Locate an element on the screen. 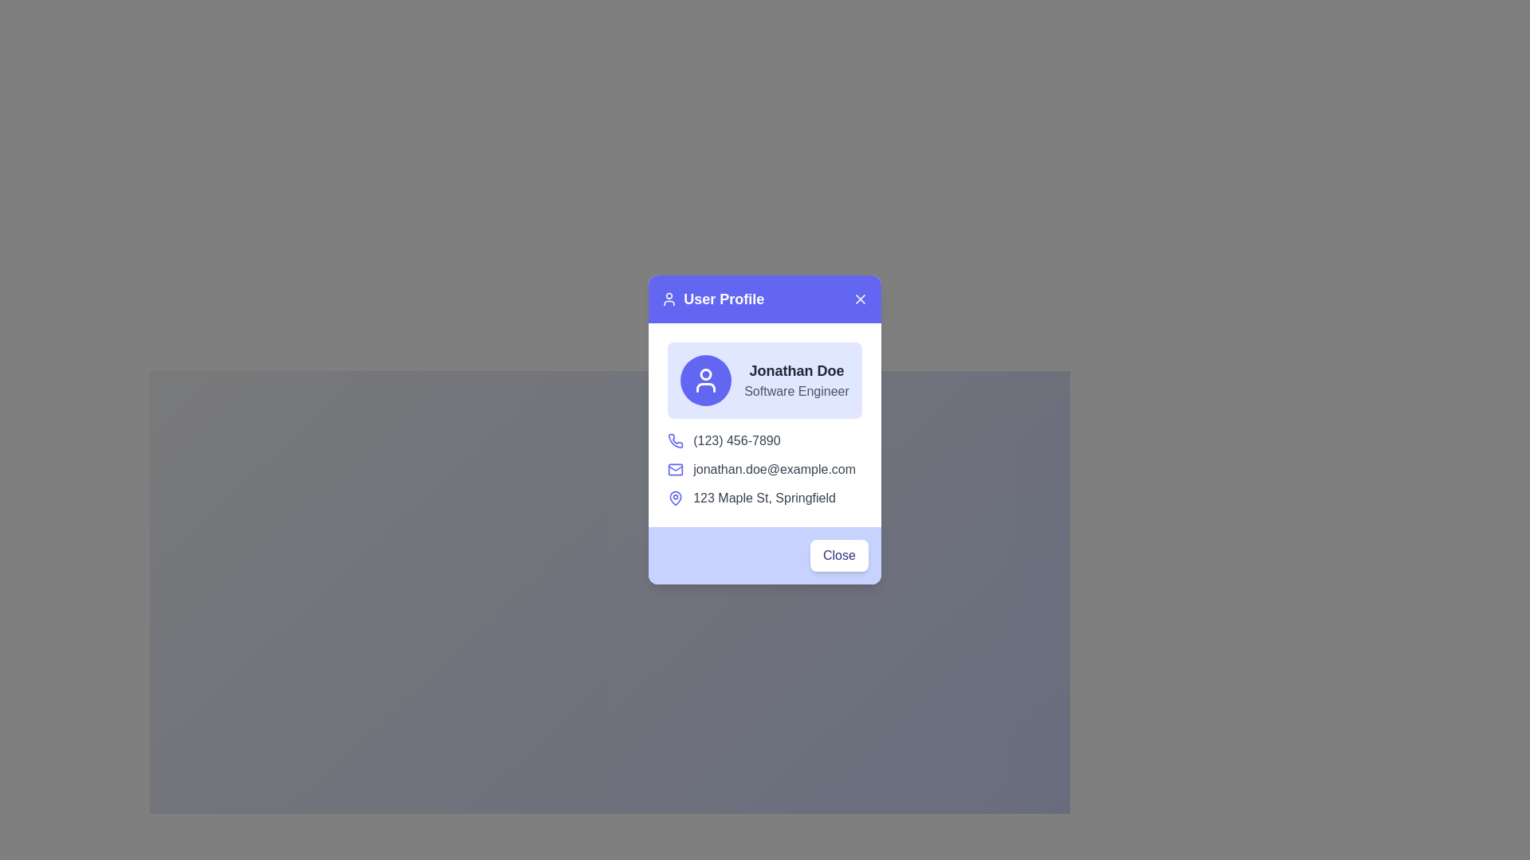 Image resolution: width=1530 pixels, height=860 pixels. the phone number icon located in the user profile card layout, which visually represents the phone number '(123) 456-7890' is located at coordinates (676, 440).